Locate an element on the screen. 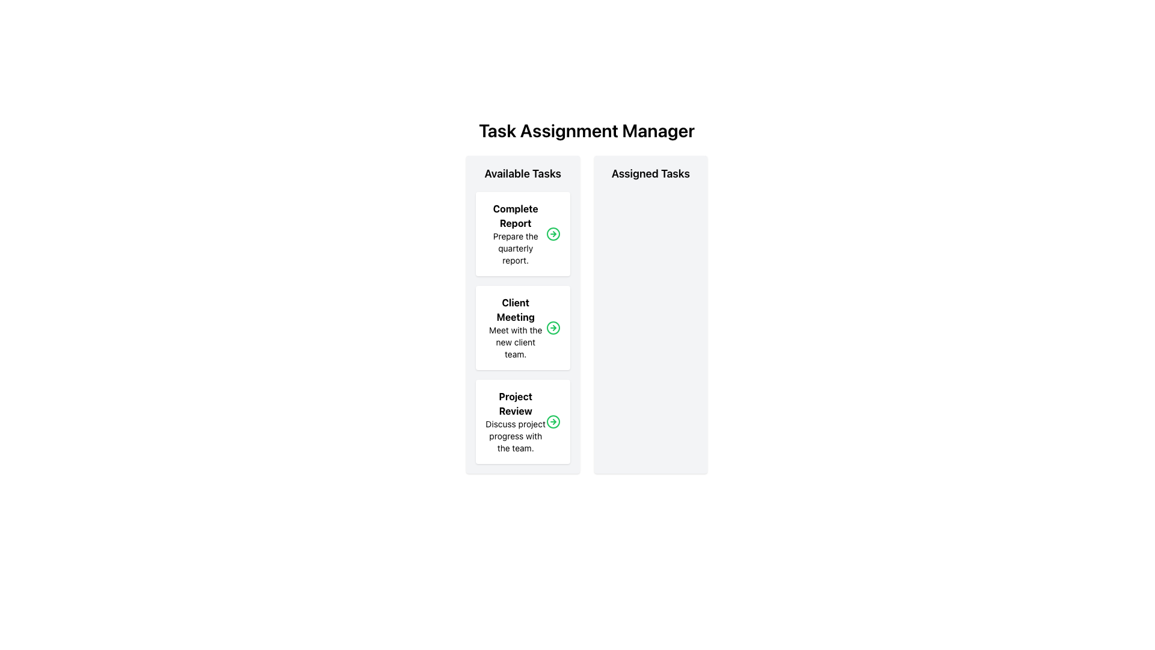  the circular green-bordered decorative boundary of the icon, which is part of the circular arrow icon next to the 'Client Meeting' text in the 'Available Tasks' section is located at coordinates (552, 327).